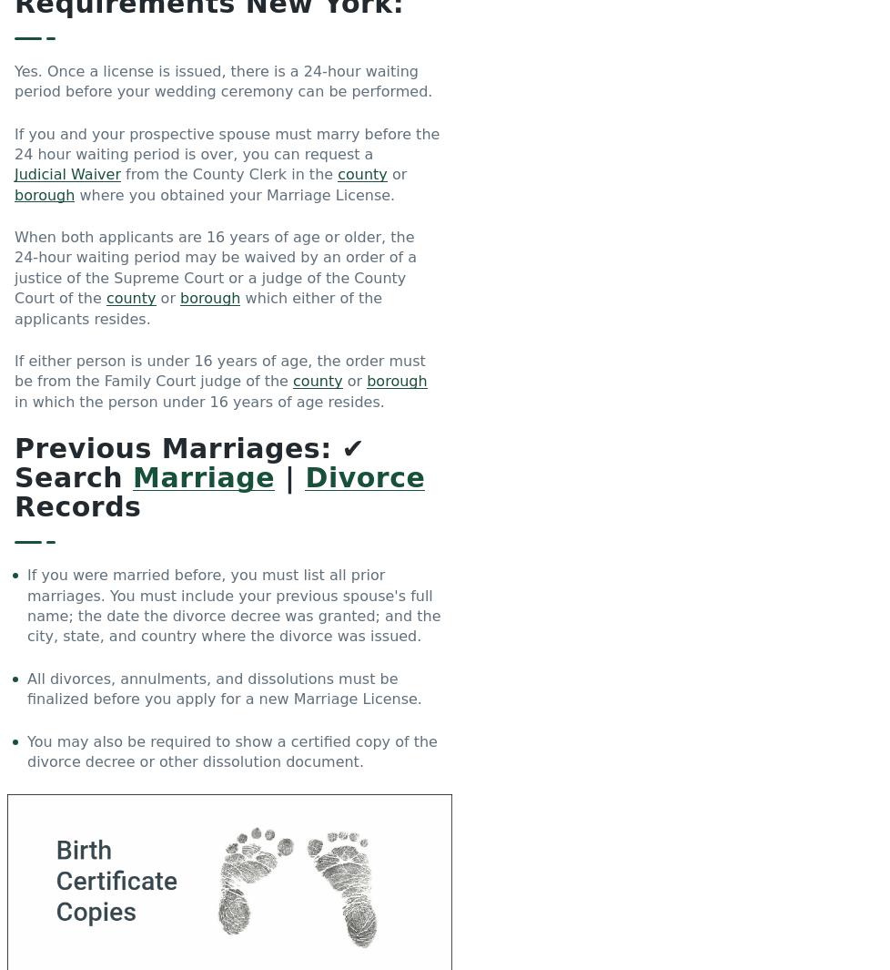  Describe the element at coordinates (15, 80) in the screenshot. I see `'Yes. Once a license is issued, there is a 24-hour waiting period before your wedding ceremony can be performed.'` at that location.